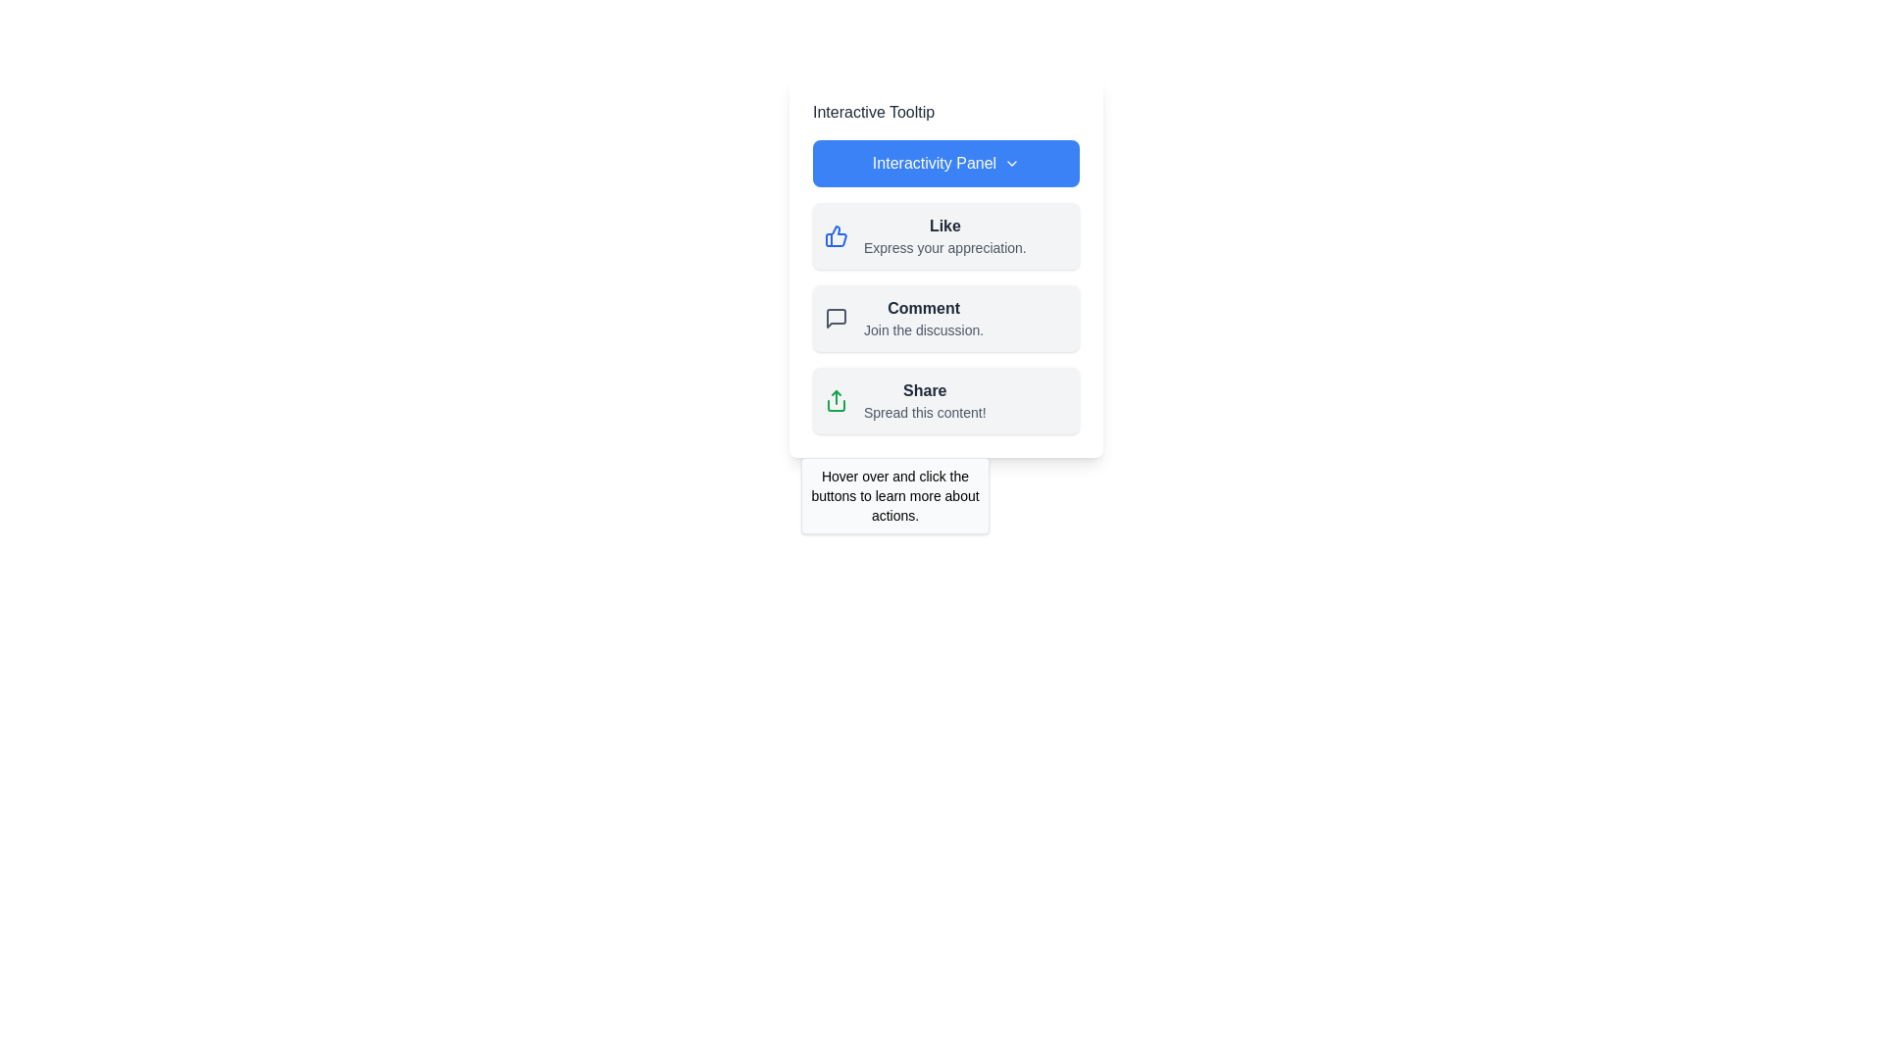 This screenshot has height=1059, width=1883. I want to click on the 'Comment' SVG icon, which resembles a speech bubble or message square, located in the middle row of the vertical stack of icons in the interactive tooltip panel, so click(837, 317).